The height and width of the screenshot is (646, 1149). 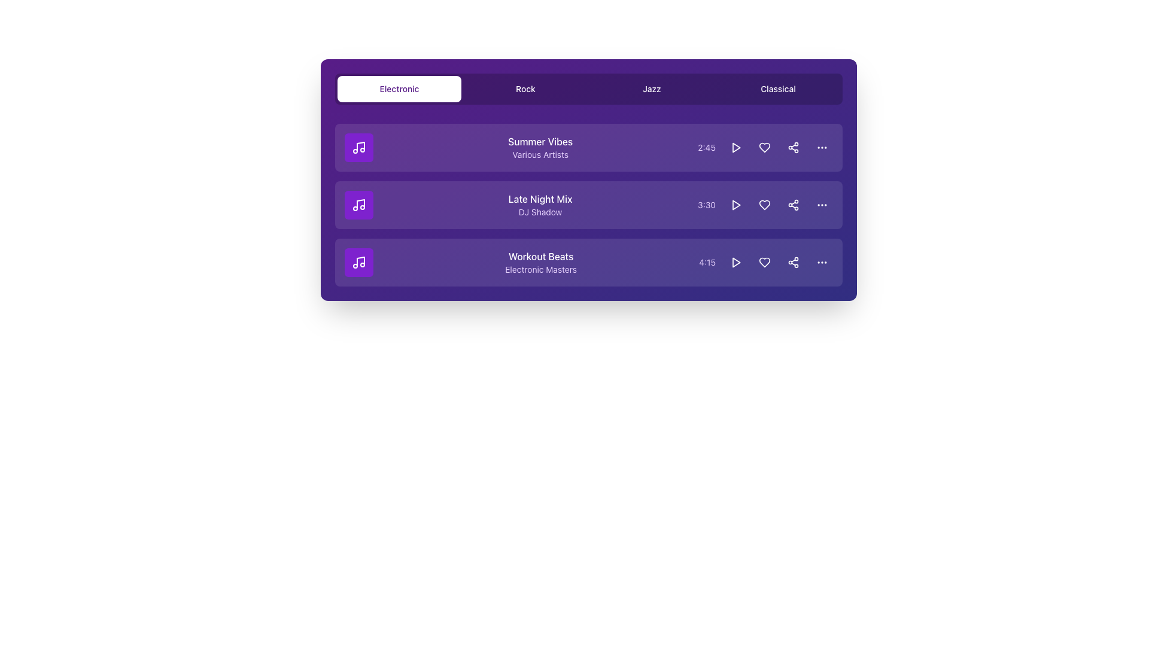 What do you see at coordinates (821, 147) in the screenshot?
I see `the ellipsis menu icon on the right side of the music track row` at bounding box center [821, 147].